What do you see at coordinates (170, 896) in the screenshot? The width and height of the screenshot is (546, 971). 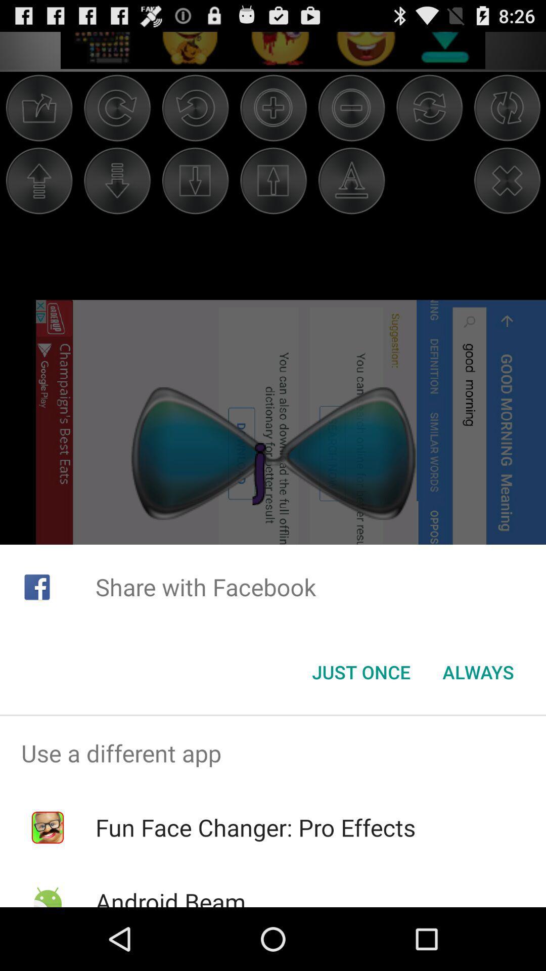 I see `the icon below the fun face changer app` at bounding box center [170, 896].